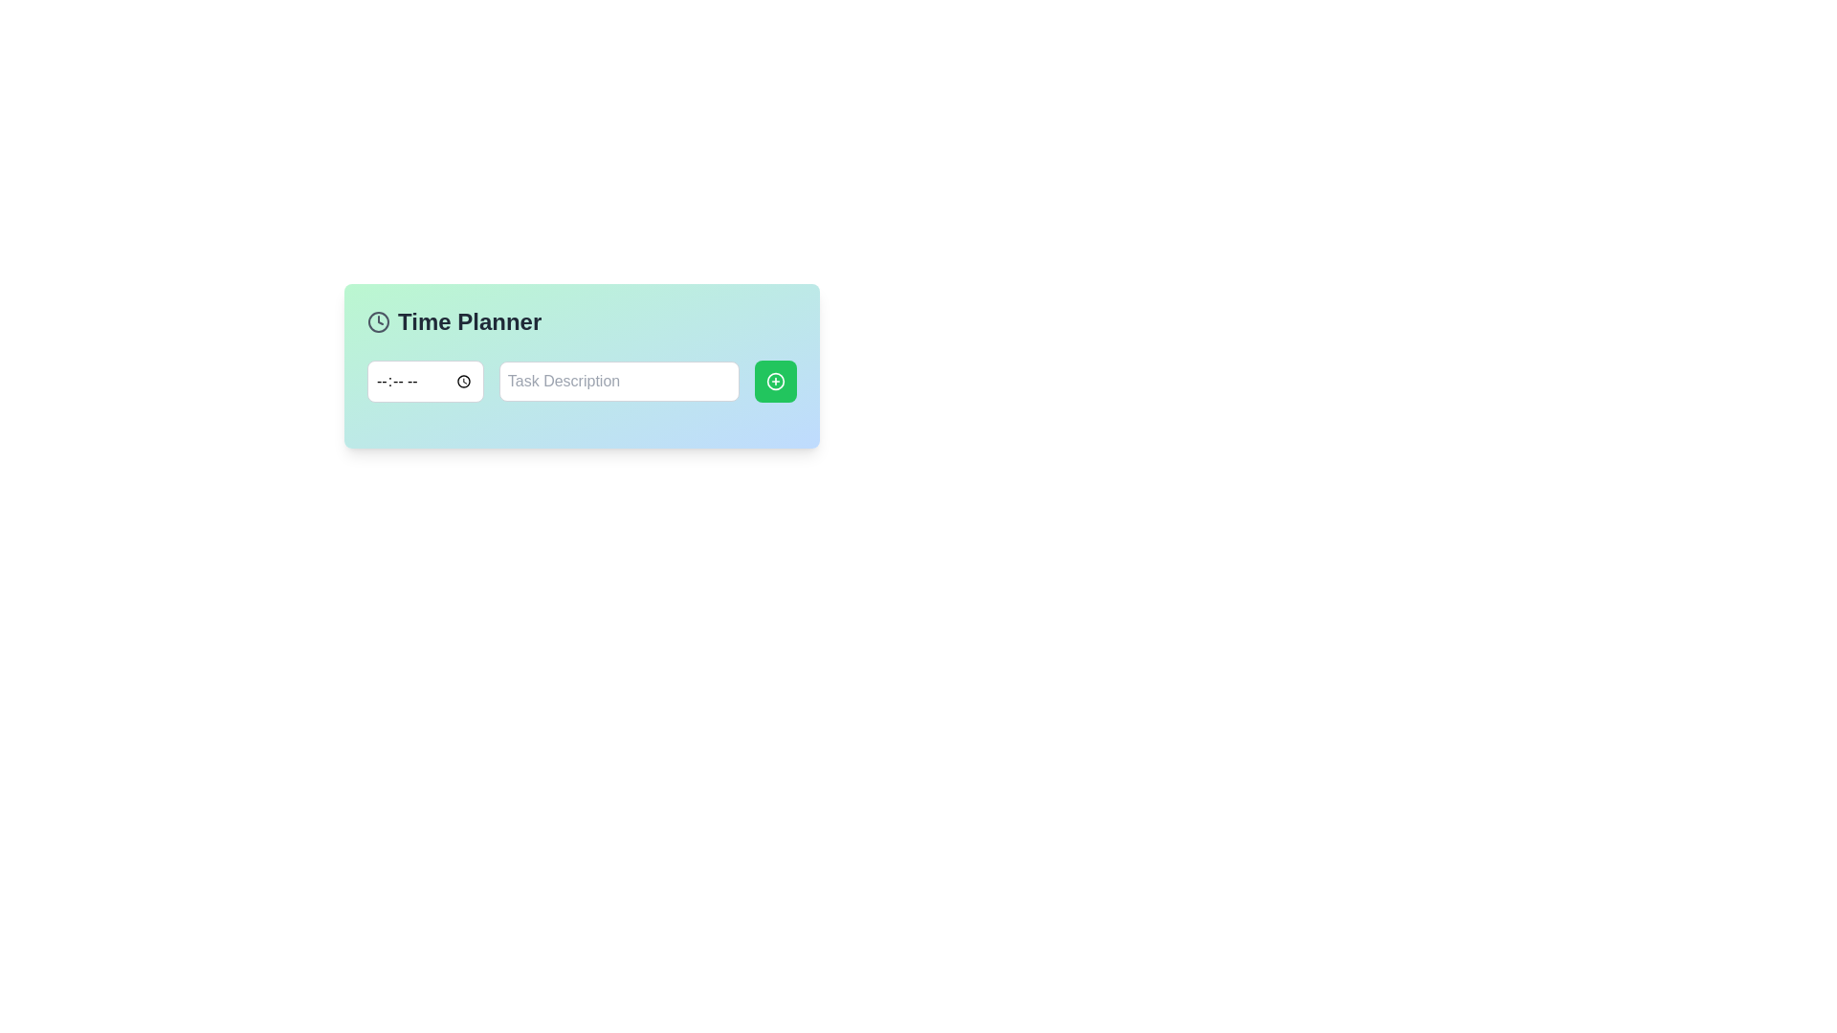 The image size is (1837, 1033). Describe the element at coordinates (776, 381) in the screenshot. I see `the SVG circle component that decorates the '+' button in the 'Time Planner' widget, located at the right-hand side of the task description input field` at that location.